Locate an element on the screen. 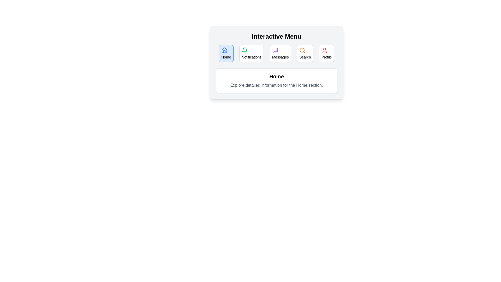  the 'Home' icon is located at coordinates (224, 50).